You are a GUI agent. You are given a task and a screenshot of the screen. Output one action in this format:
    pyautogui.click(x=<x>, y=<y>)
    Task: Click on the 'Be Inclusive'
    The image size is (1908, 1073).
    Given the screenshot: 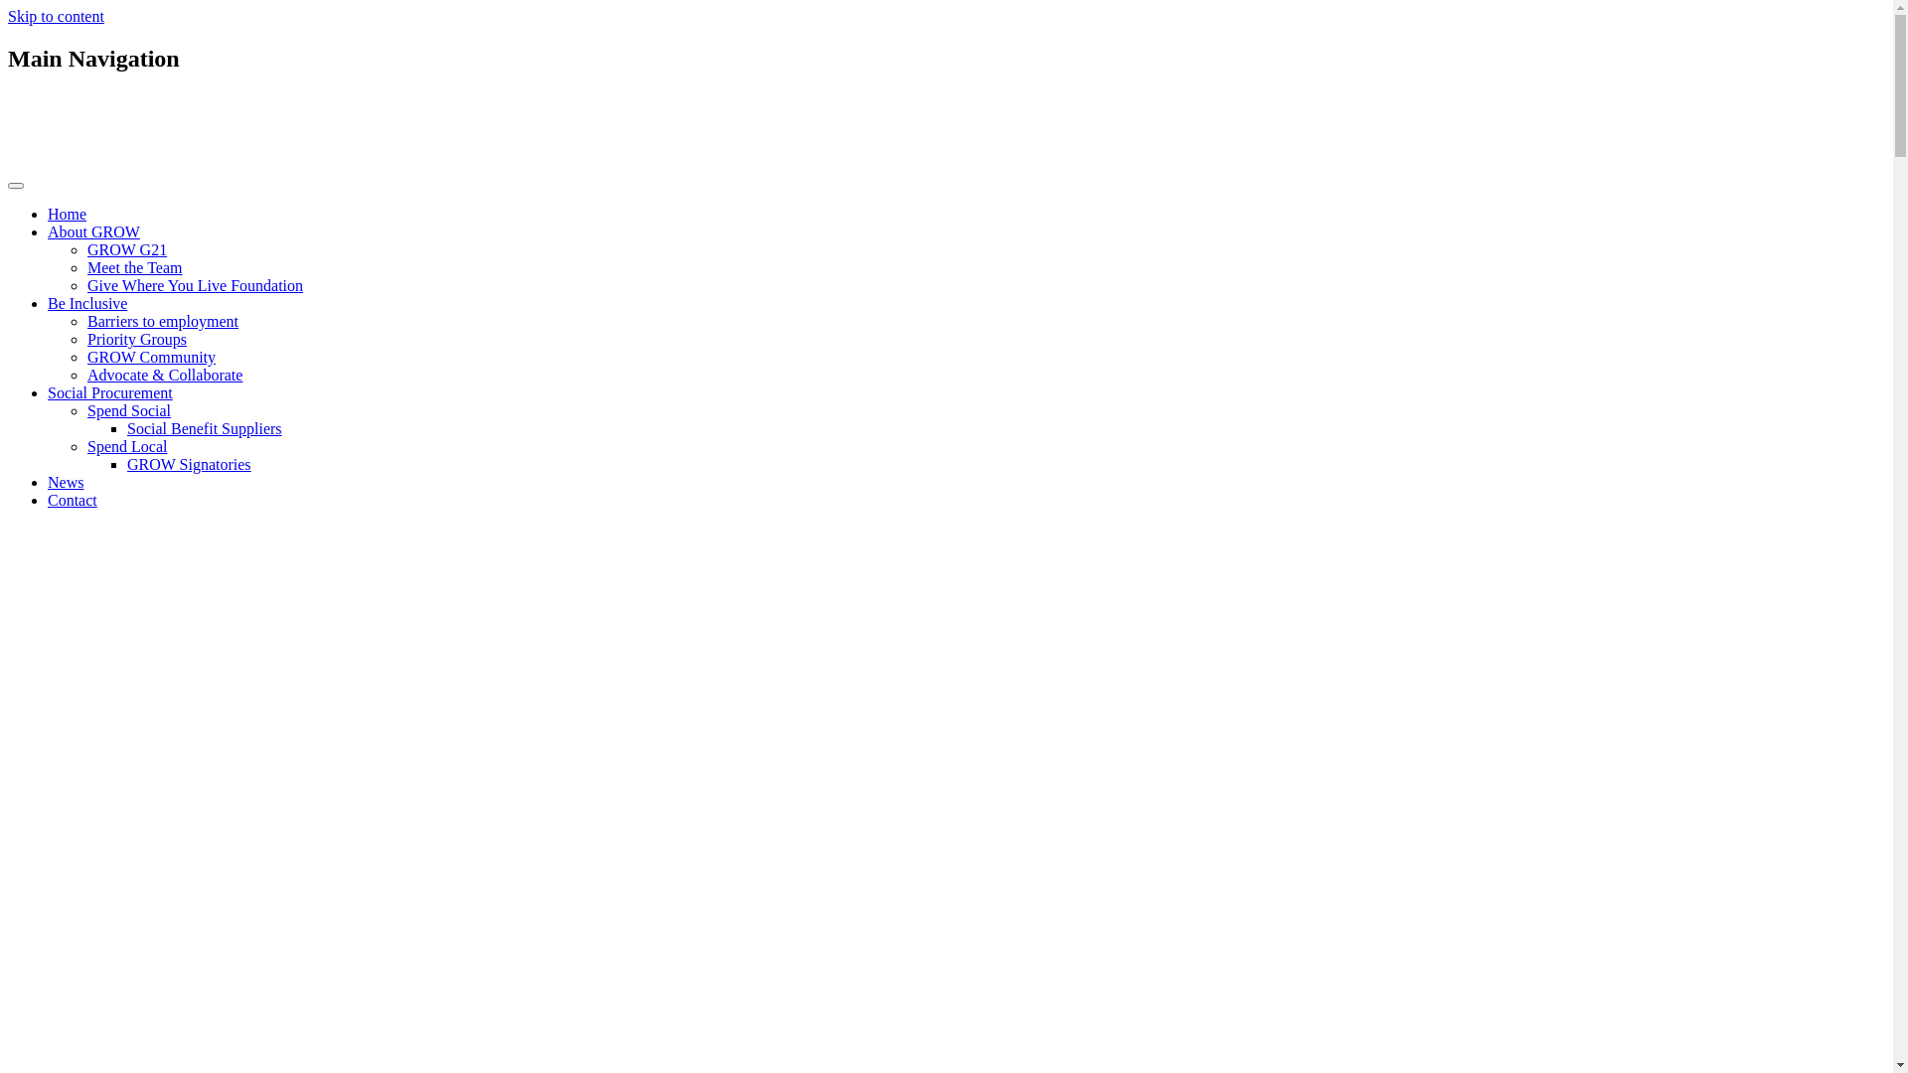 What is the action you would take?
    pyautogui.click(x=85, y=303)
    